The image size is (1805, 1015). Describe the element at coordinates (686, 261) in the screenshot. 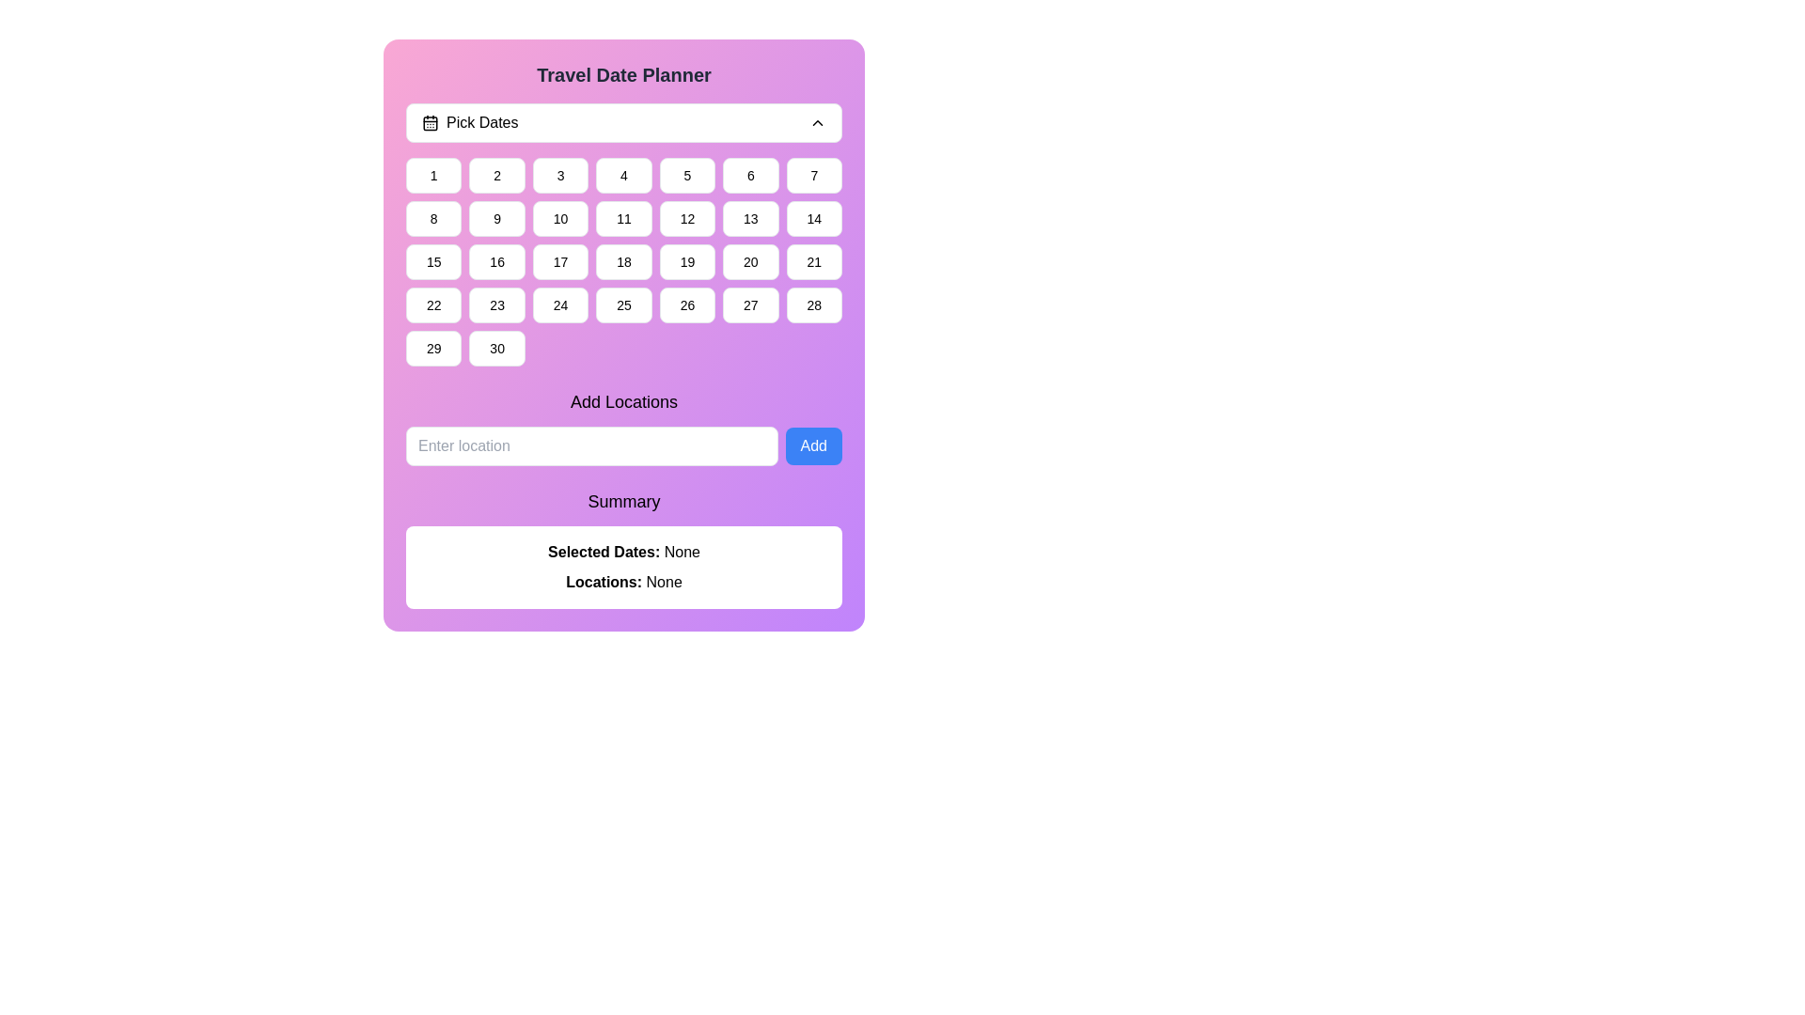

I see `the button displaying the number '19' in the center of the 'Travel Date Planner' calendar grid` at that location.